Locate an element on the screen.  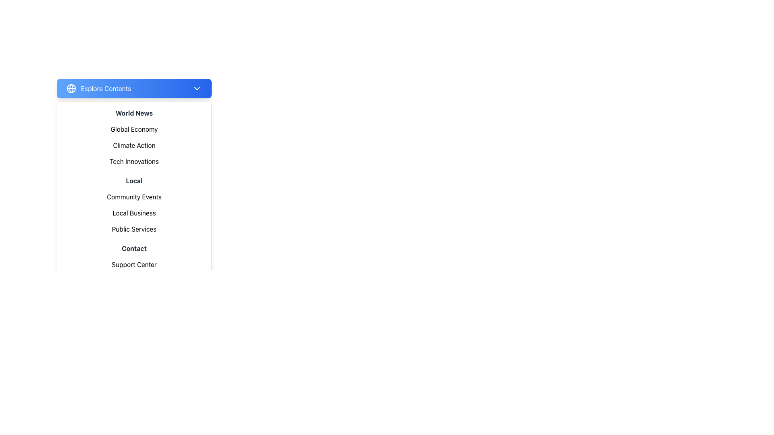
the group of menu items containing 'Global Economy', 'Climate Action', and 'Tech Innovations' located beneath the 'World News' header is located at coordinates (134, 145).